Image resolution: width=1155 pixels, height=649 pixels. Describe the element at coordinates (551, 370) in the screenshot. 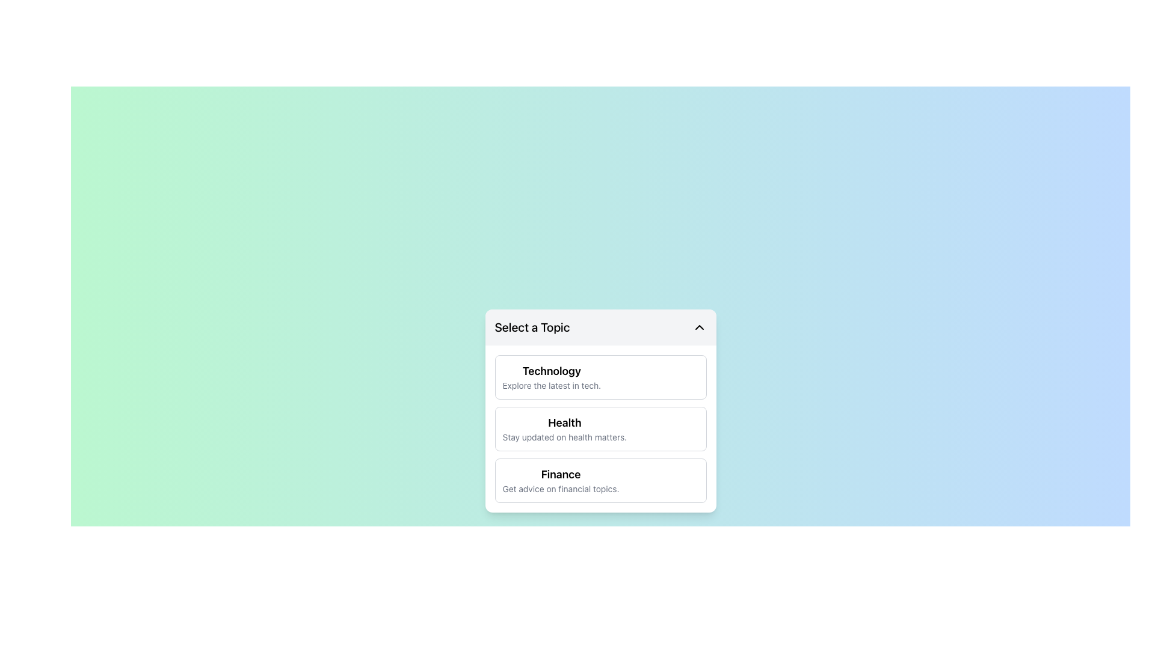

I see `text content of the 'Technology' label located at the top of the menu option, which indicates the selectable topic category` at that location.